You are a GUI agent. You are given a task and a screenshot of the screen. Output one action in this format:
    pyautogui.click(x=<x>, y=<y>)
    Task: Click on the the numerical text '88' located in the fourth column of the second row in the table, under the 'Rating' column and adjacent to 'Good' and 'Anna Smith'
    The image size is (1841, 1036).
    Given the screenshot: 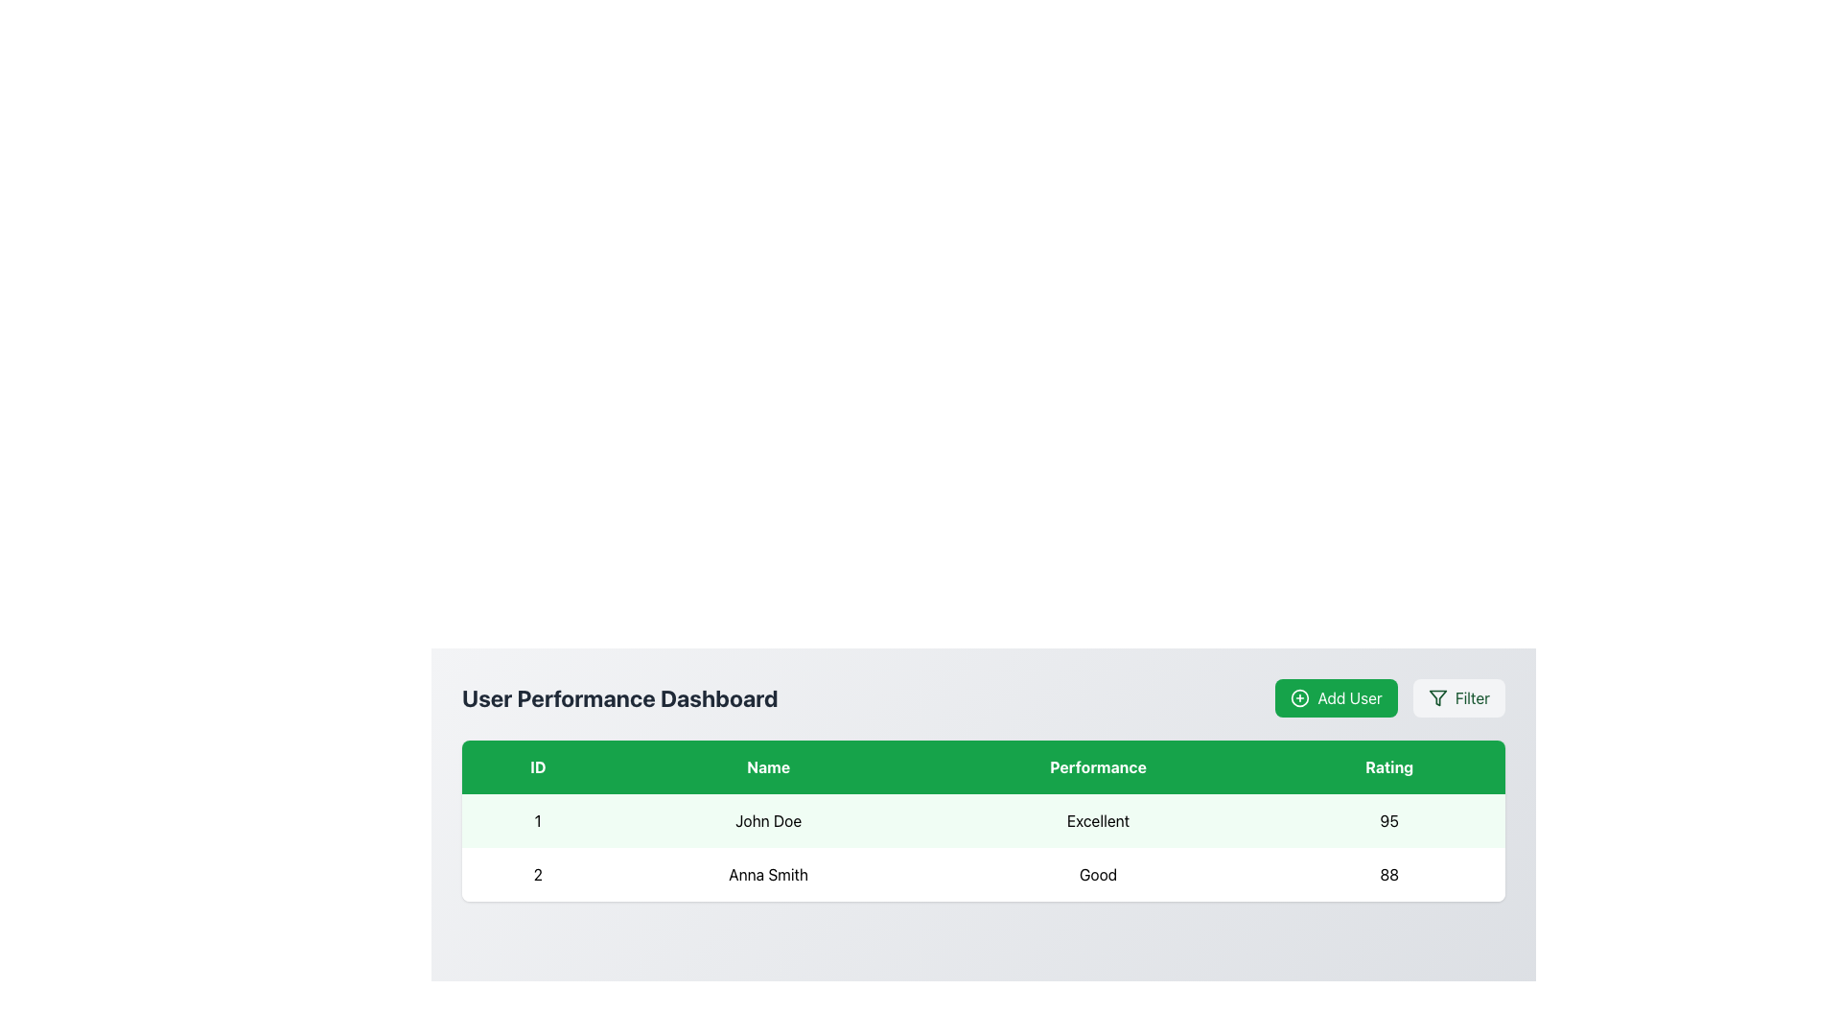 What is the action you would take?
    pyautogui.click(x=1389, y=874)
    